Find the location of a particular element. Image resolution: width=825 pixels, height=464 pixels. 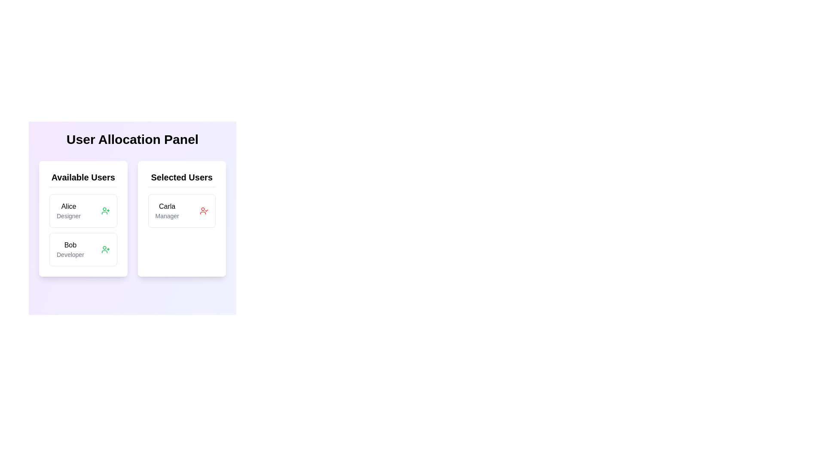

the green icon button located to the right of the 'Bob' label in the 'User Allocation Panel' is located at coordinates (105, 250).